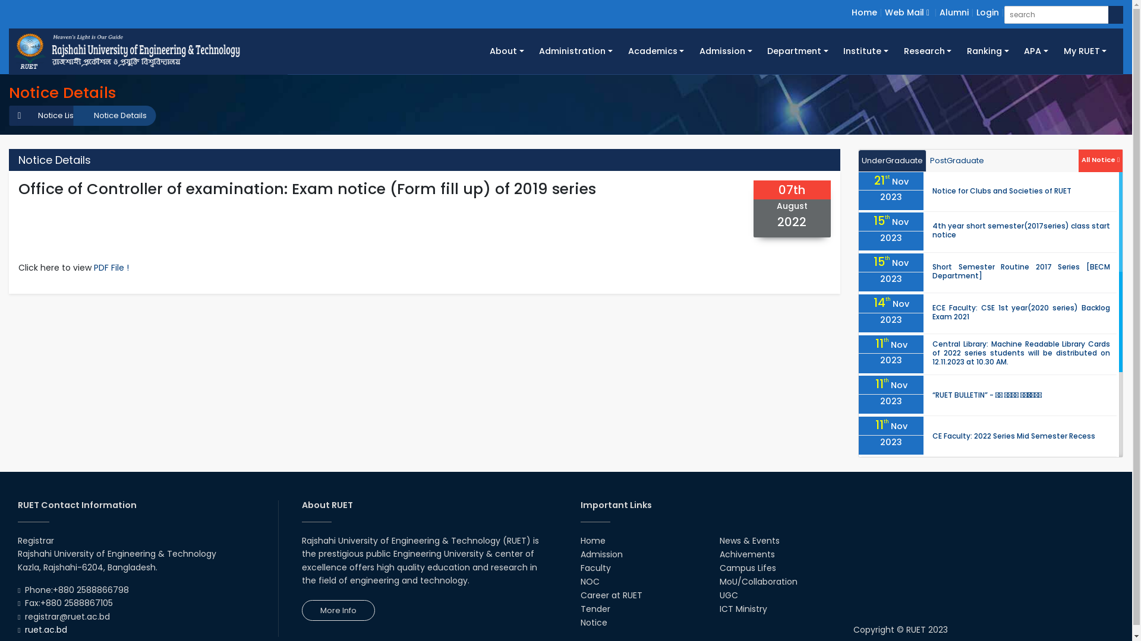  What do you see at coordinates (954, 12) in the screenshot?
I see `'Alumni'` at bounding box center [954, 12].